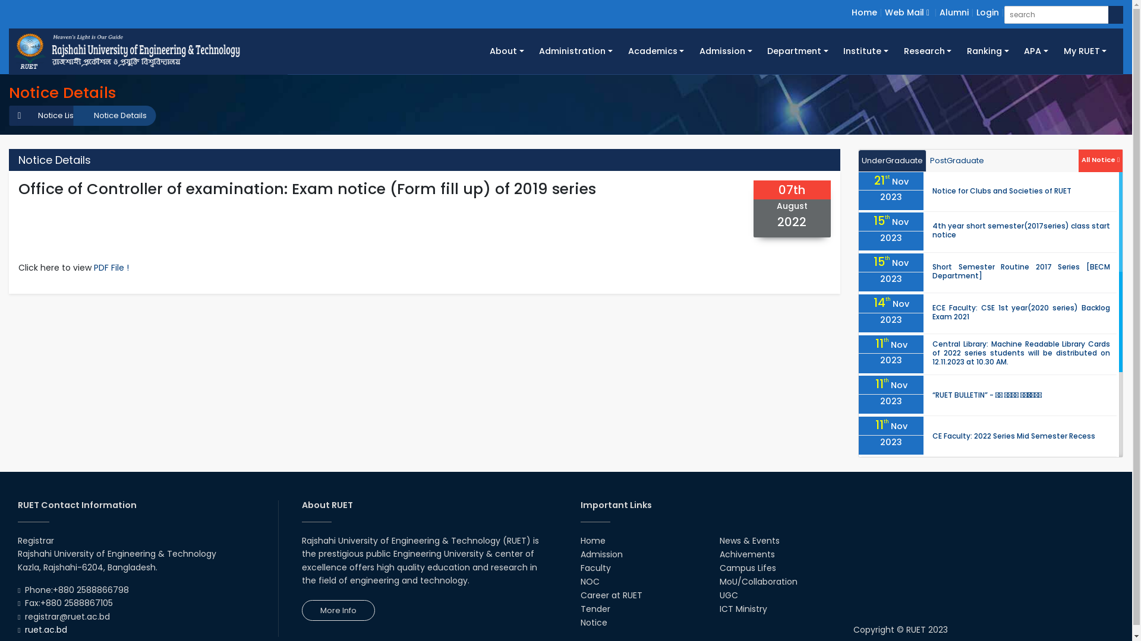  What do you see at coordinates (954, 12) in the screenshot?
I see `'Alumni'` at bounding box center [954, 12].